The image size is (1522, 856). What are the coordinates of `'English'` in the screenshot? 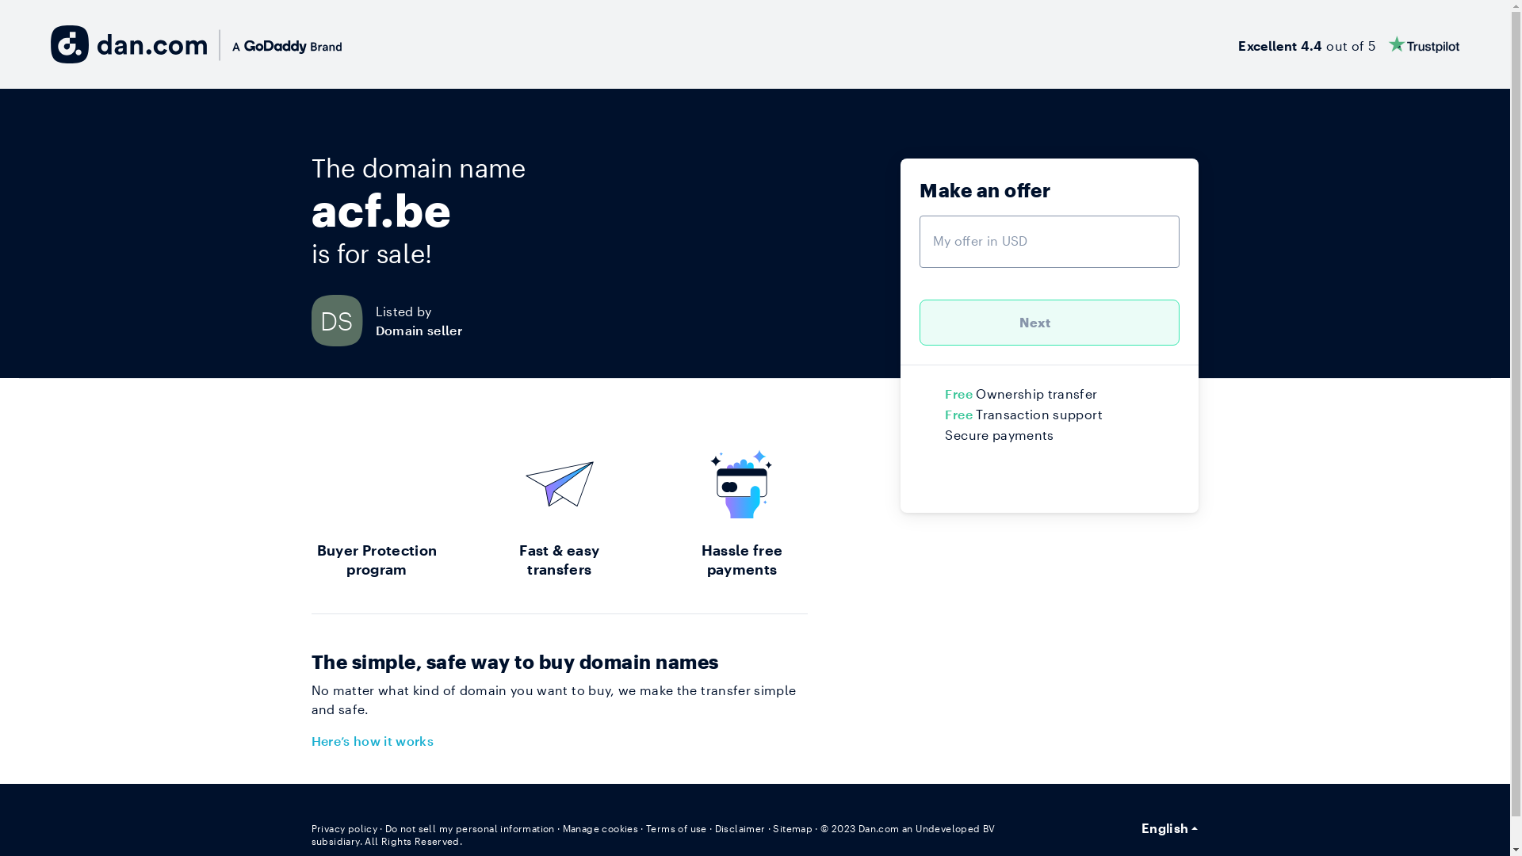 It's located at (1170, 827).